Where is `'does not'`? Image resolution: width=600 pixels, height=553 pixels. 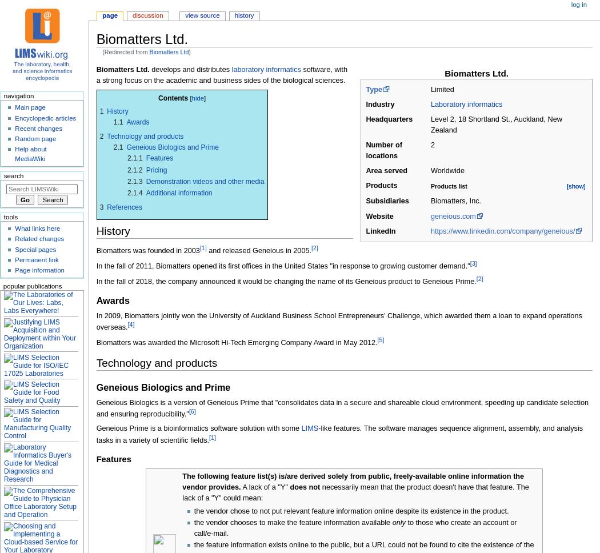
'does not' is located at coordinates (305, 486).